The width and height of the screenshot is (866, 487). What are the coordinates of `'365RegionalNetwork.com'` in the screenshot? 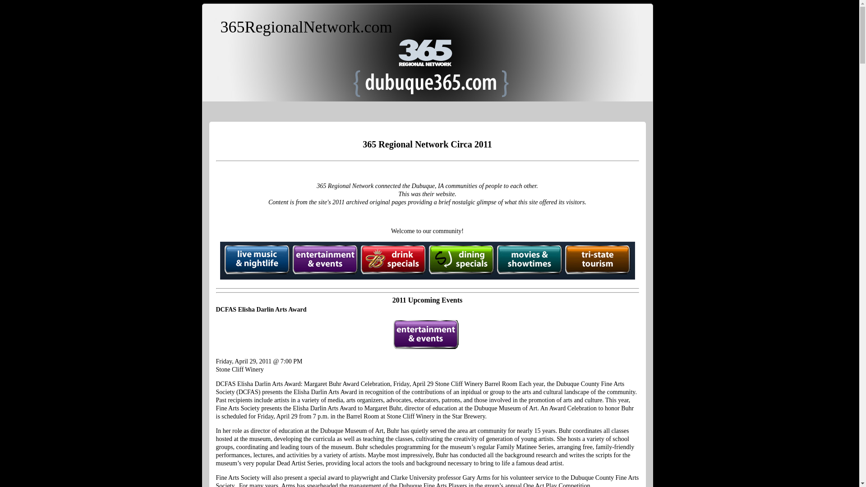 It's located at (306, 27).